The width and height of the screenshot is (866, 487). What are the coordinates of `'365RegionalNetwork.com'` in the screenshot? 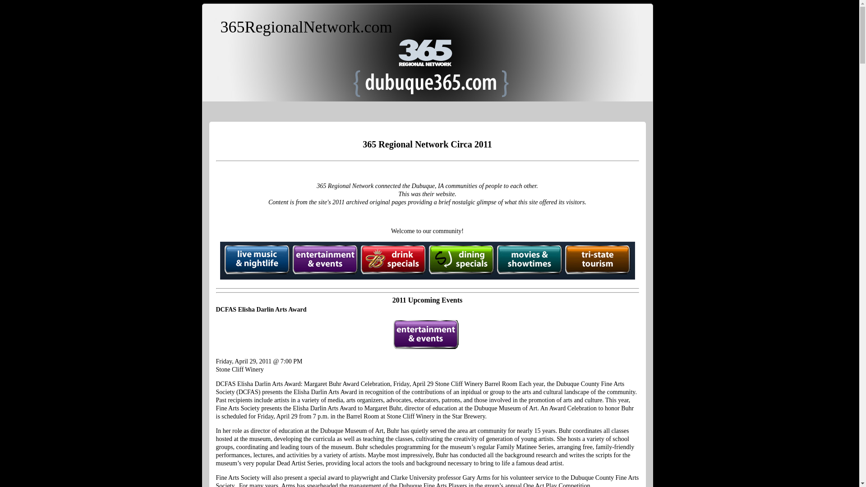 It's located at (306, 27).